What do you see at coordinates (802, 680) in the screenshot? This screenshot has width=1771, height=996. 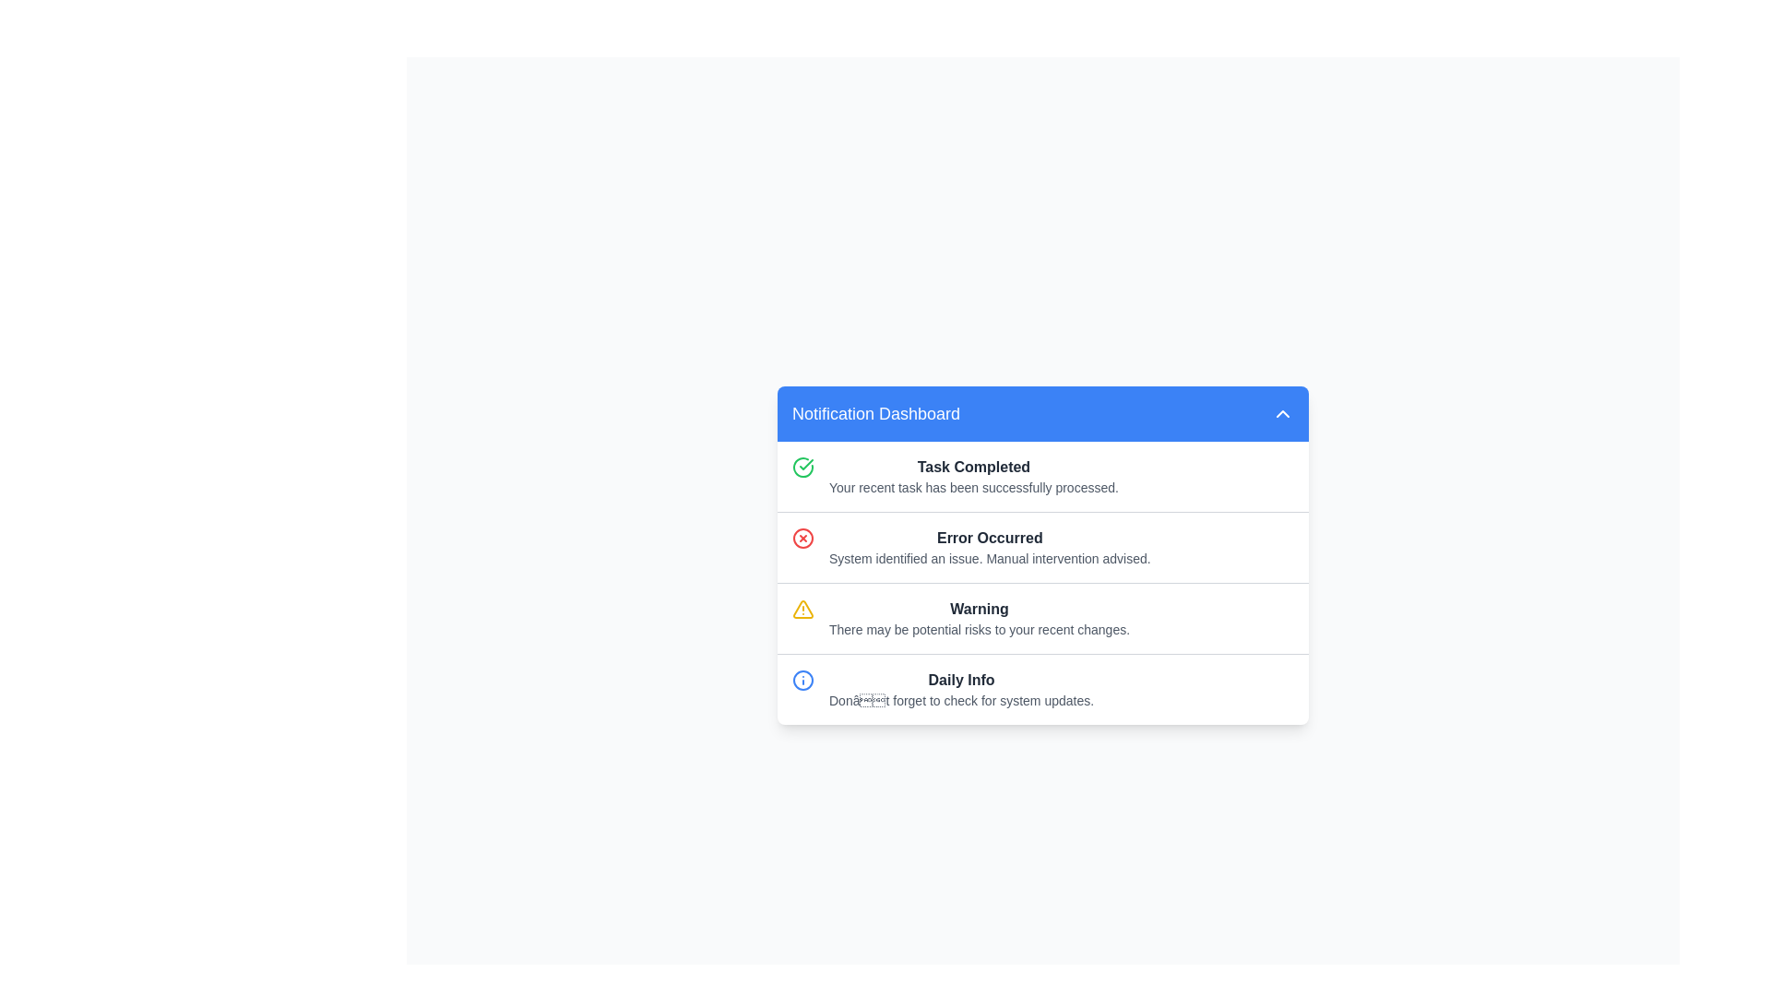 I see `blue circular SVG element that is part of the information icon, located in the lower-right section of the interface next to the 'Daily Info' notification` at bounding box center [802, 680].